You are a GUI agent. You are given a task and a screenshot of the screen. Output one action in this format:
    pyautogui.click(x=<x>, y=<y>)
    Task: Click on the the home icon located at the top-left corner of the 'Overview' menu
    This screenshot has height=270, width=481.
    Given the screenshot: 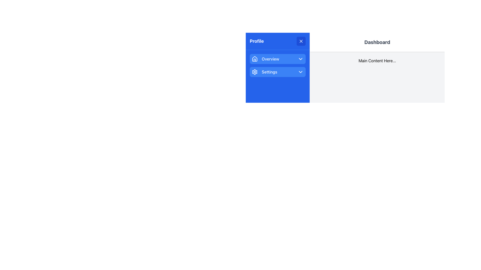 What is the action you would take?
    pyautogui.click(x=255, y=60)
    